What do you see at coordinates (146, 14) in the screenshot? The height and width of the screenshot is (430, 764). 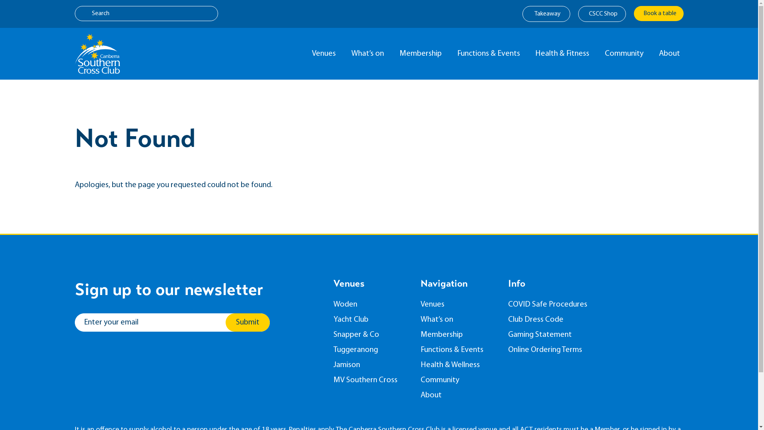 I see `'Search'` at bounding box center [146, 14].